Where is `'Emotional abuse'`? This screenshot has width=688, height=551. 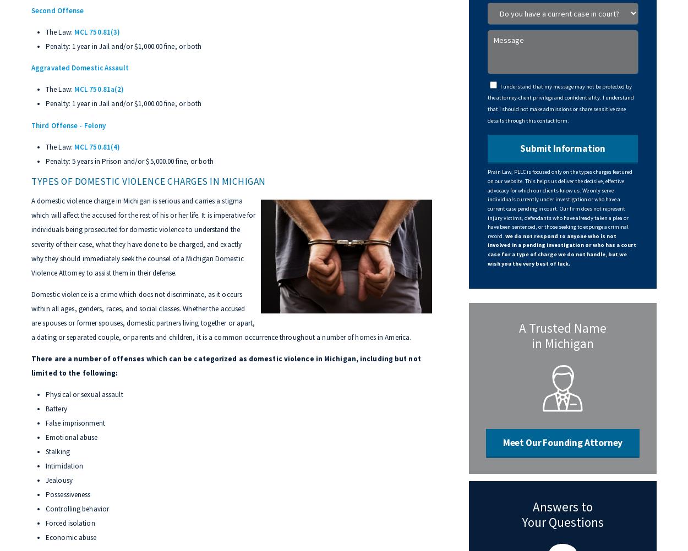
'Emotional abuse' is located at coordinates (72, 436).